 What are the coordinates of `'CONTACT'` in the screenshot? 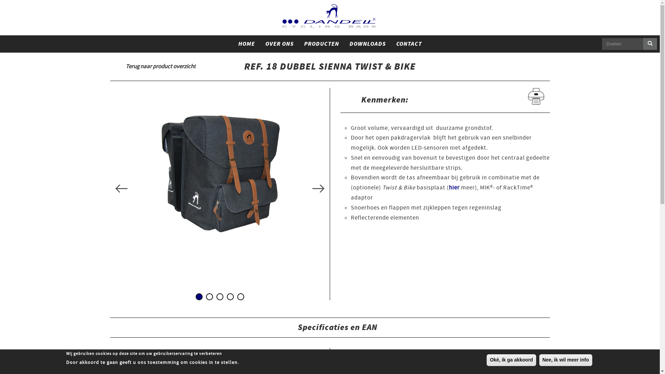 It's located at (409, 44).